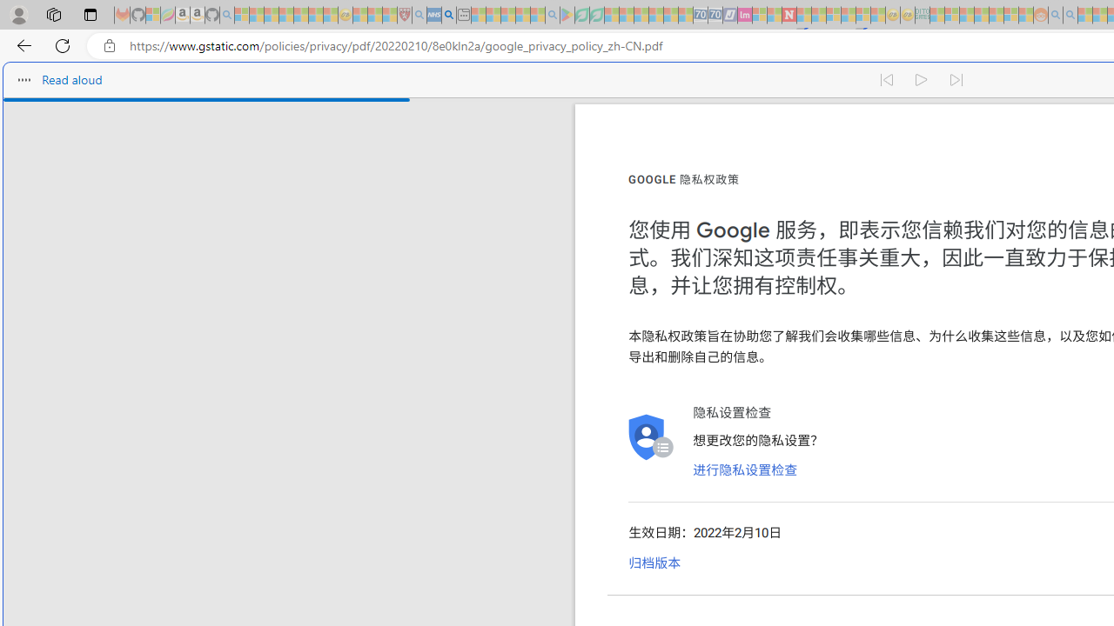 This screenshot has width=1114, height=626. I want to click on 'Continue to read aloud (Ctrl+Shift+U)', so click(921, 80).